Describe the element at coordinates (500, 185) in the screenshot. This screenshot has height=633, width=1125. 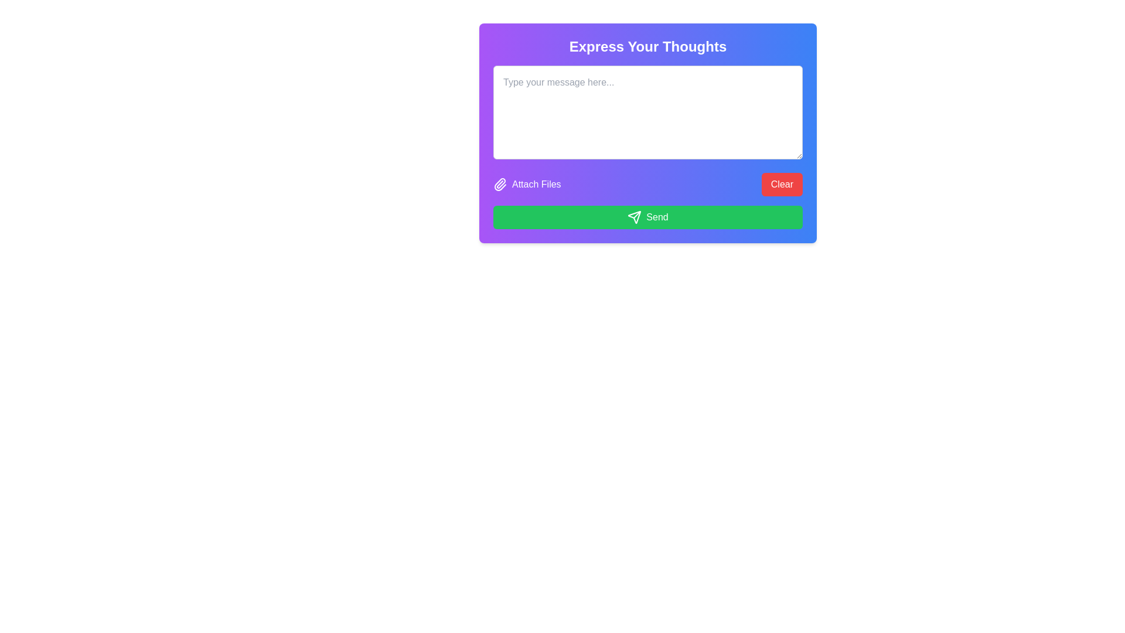
I see `the paperclip icon, which is an outlined SVG element, located to the left of the 'Attach Files' text, serving as a button for attaching files at the bottom-left corner of the purple card` at that location.